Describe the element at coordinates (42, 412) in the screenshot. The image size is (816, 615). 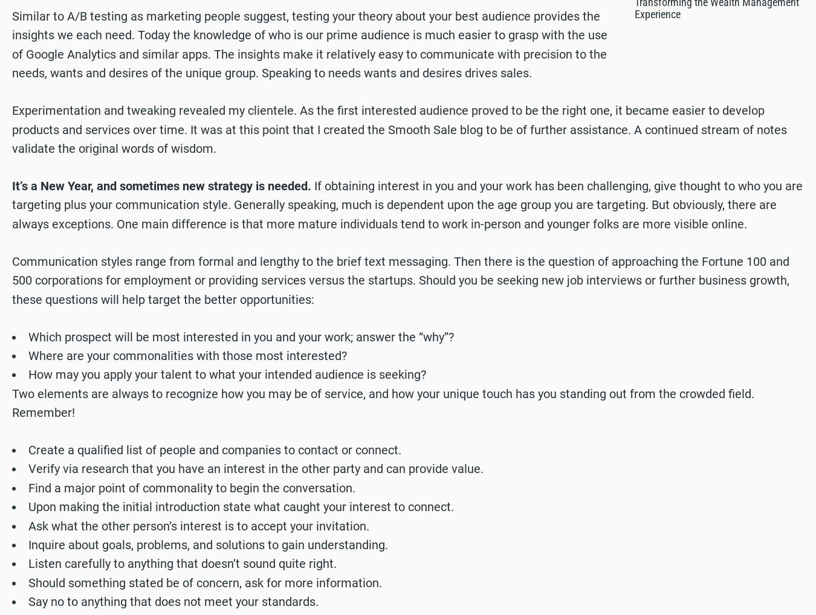
I see `'Remember!'` at that location.